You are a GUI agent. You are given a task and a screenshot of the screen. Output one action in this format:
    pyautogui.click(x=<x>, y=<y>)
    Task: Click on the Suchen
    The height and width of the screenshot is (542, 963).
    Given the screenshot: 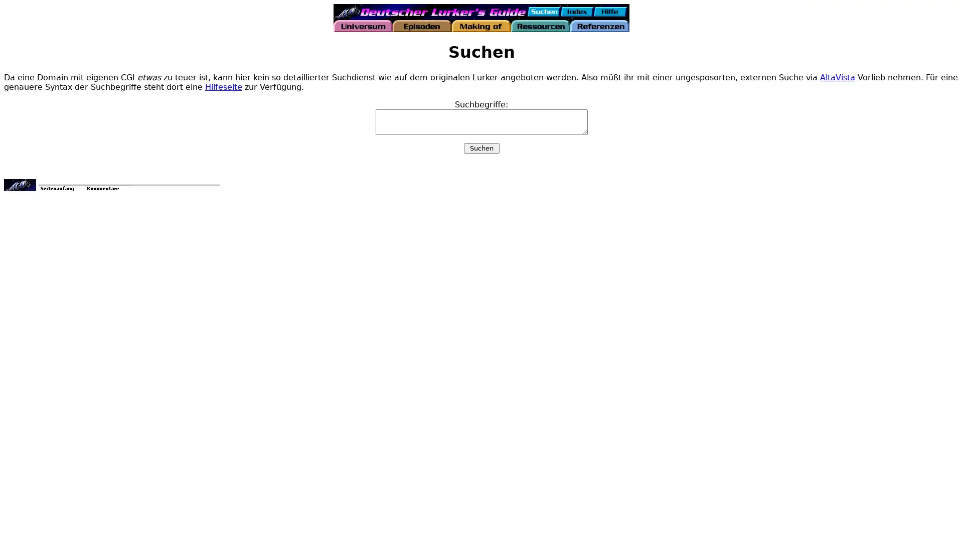 What is the action you would take?
    pyautogui.click(x=480, y=148)
    